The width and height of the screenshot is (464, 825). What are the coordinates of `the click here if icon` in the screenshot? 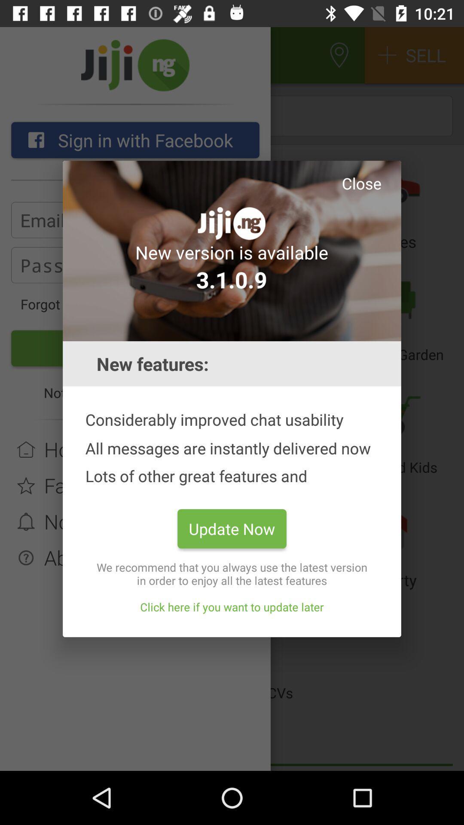 It's located at (232, 606).